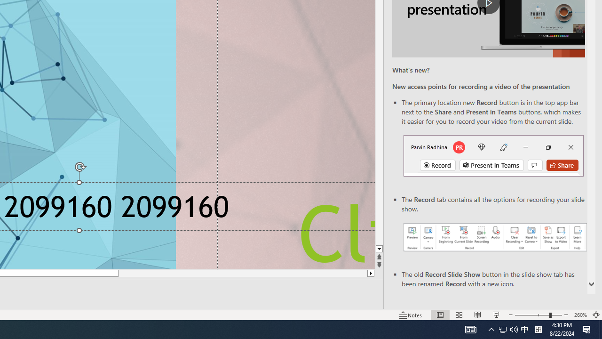 This screenshot has height=339, width=602. I want to click on 'Zoom 260%', so click(580, 315).